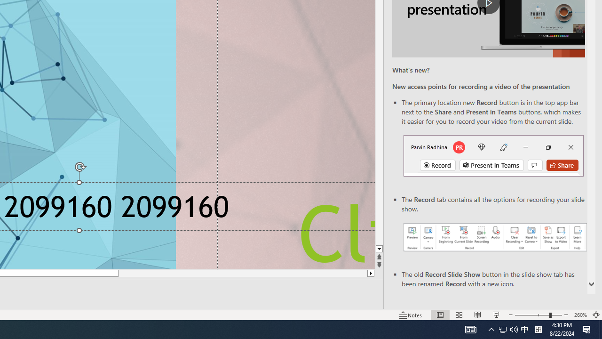 This screenshot has height=339, width=602. I want to click on 'Zoom 260%', so click(580, 315).